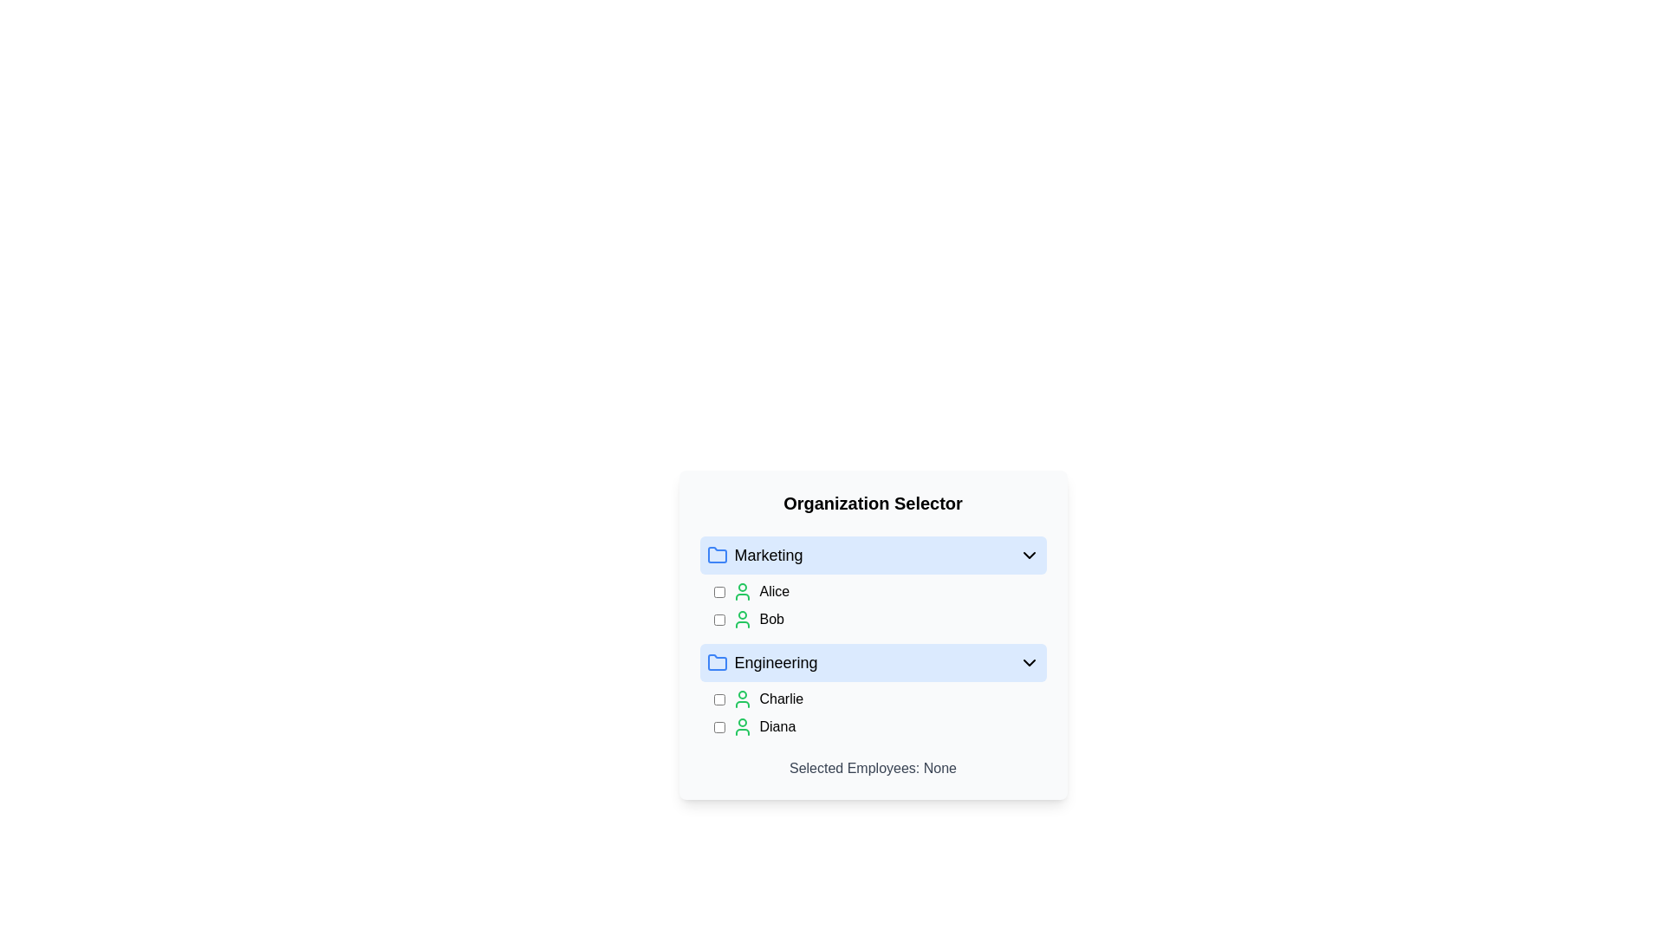 This screenshot has height=936, width=1664. I want to click on the checkbox next to the employee 'Alice' in the selectable list under the 'Marketing' section, so click(873, 604).